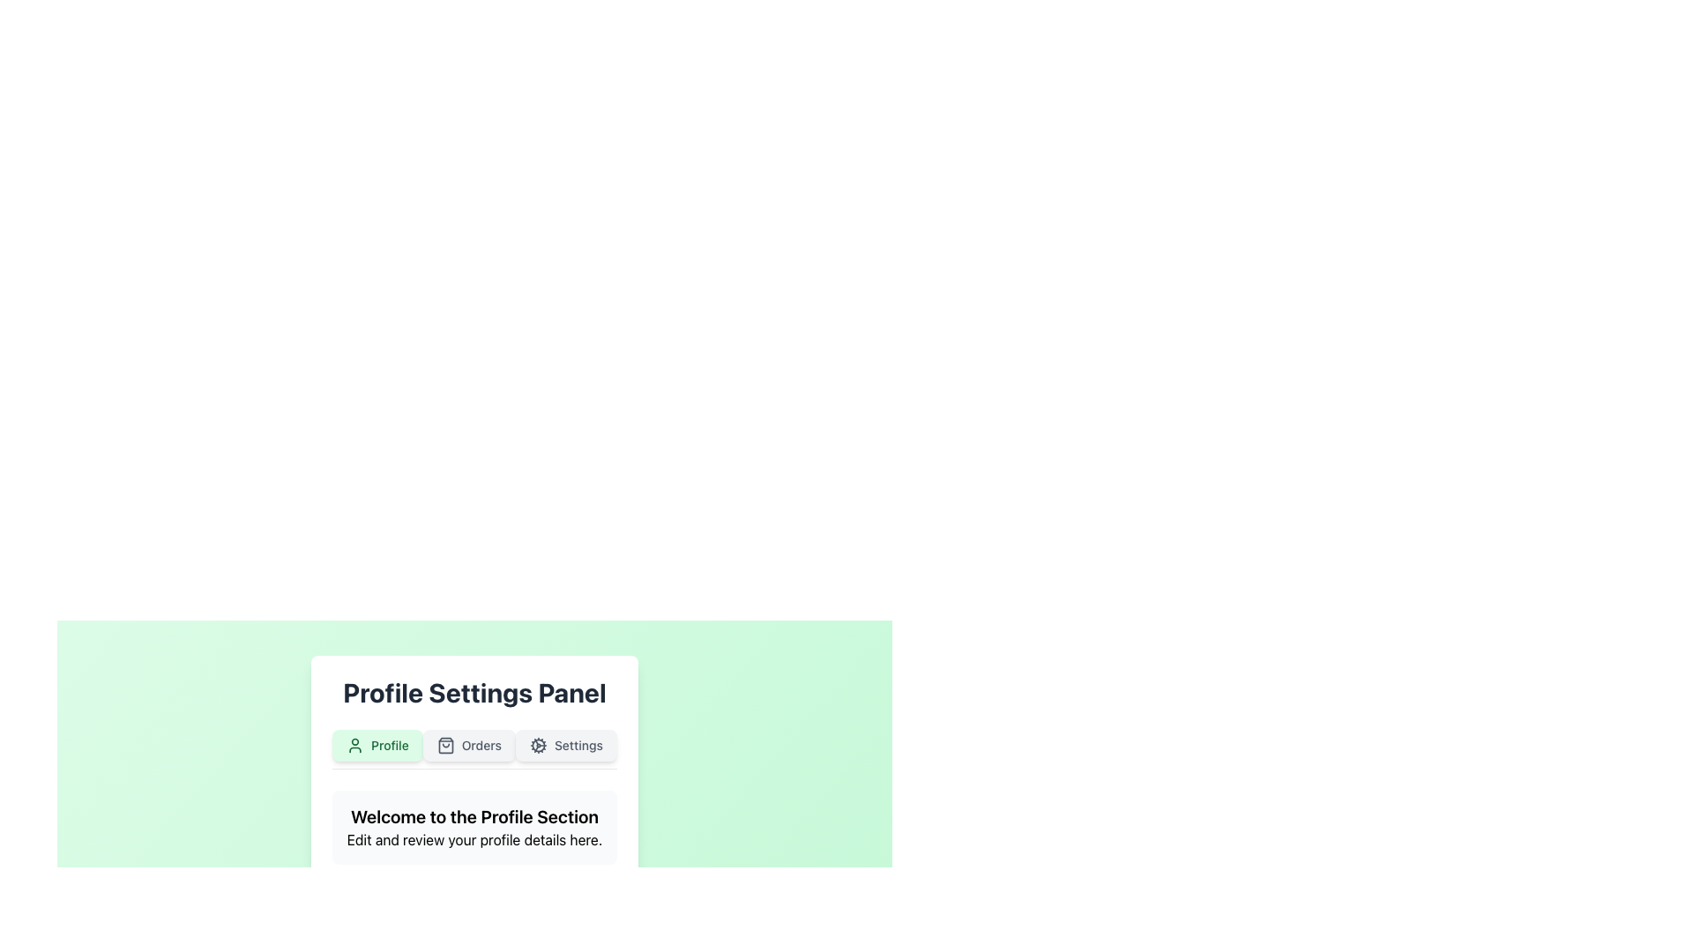  Describe the element at coordinates (566, 745) in the screenshot. I see `the 'Settings' button with a cogwheel icon, which is the third button in the horizontal group located below the 'Profile Settings Panel' header` at that location.